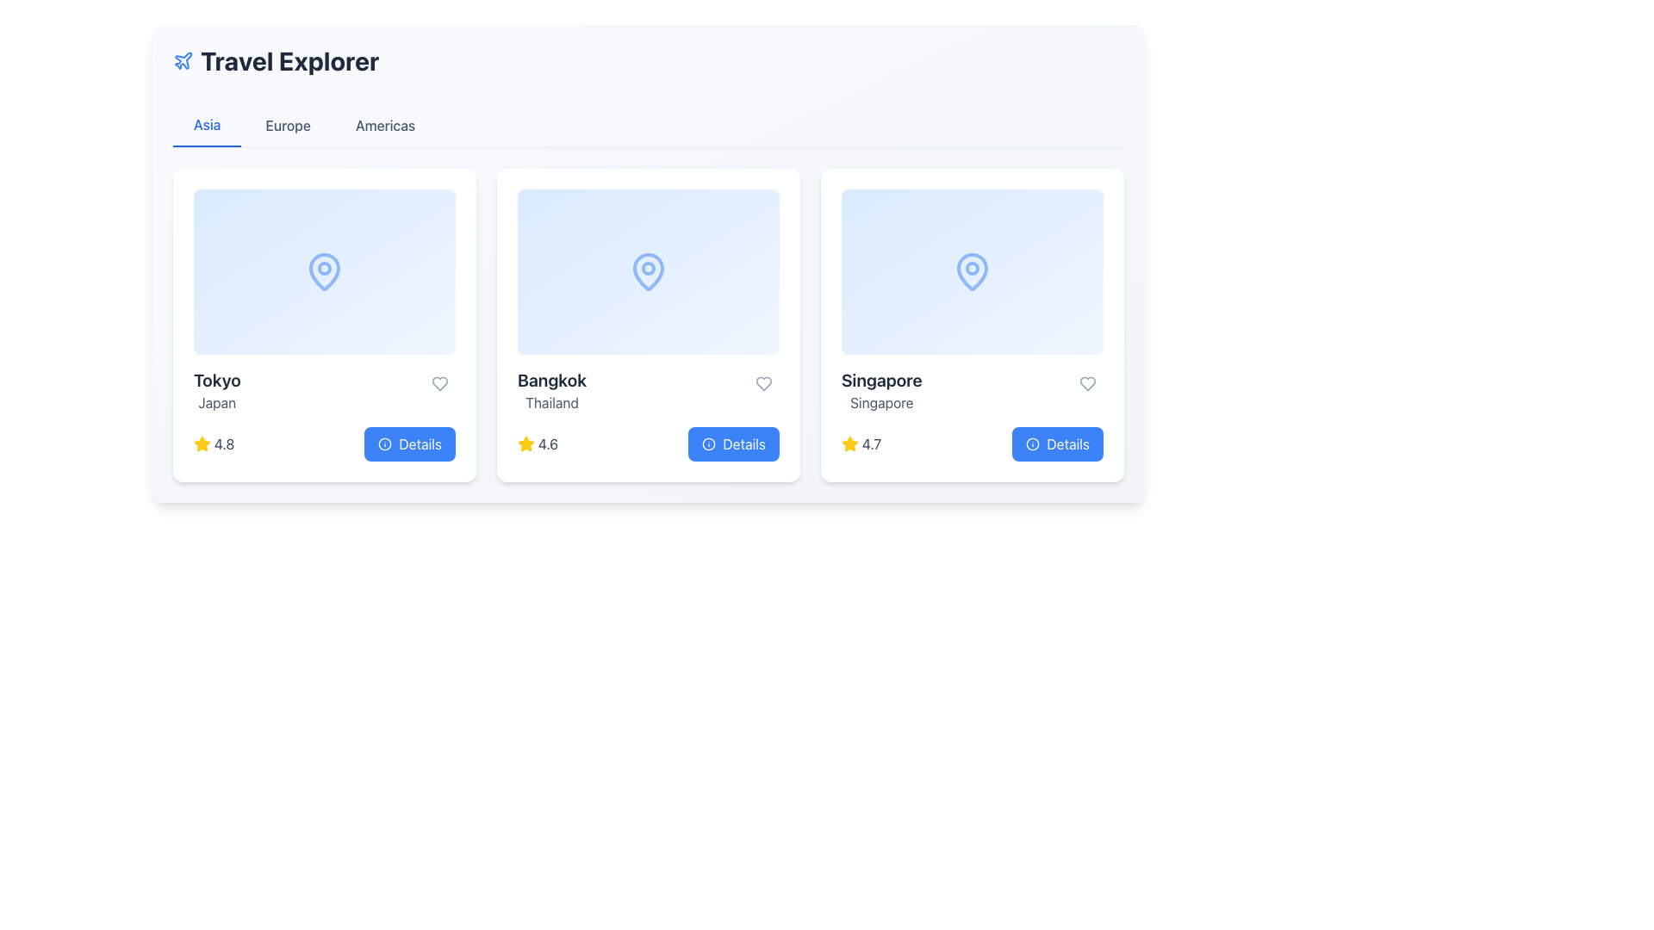  Describe the element at coordinates (850, 443) in the screenshot. I see `the star icon representing the rating attribute in the third card labeled 'Singapore', located to the left of the numeric rating value '4.7'` at that location.